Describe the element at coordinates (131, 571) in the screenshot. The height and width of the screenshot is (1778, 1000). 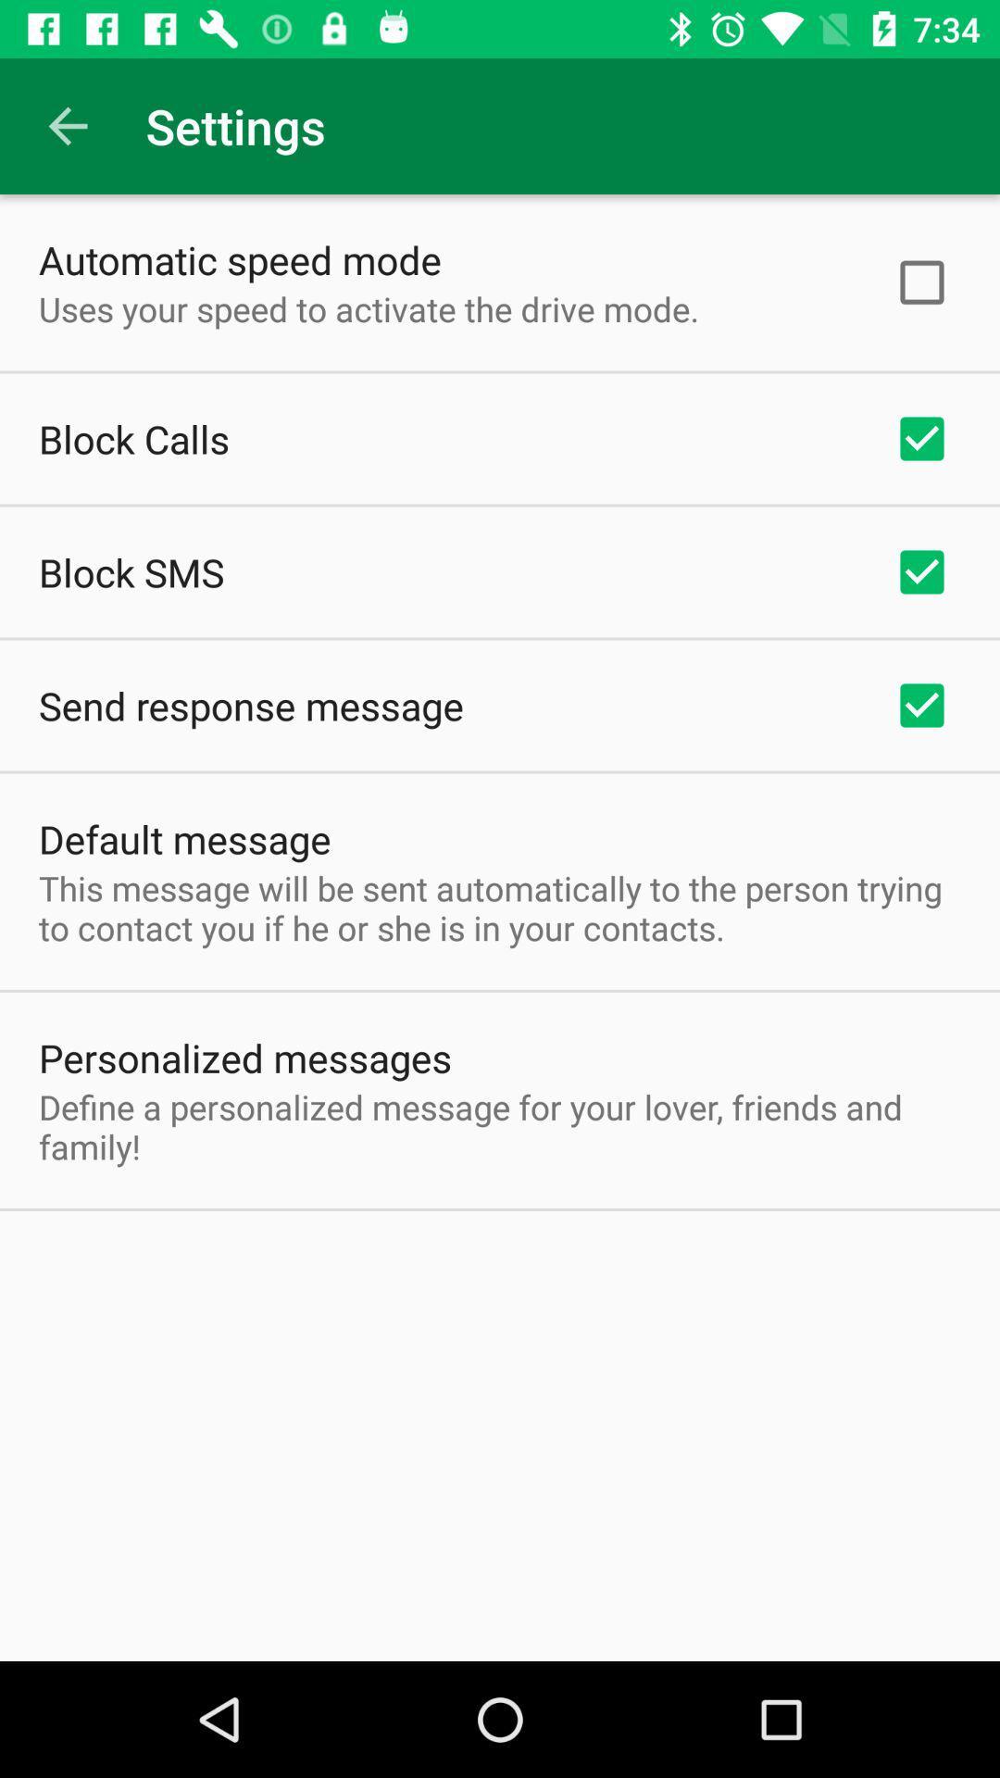
I see `icon above send response message app` at that location.